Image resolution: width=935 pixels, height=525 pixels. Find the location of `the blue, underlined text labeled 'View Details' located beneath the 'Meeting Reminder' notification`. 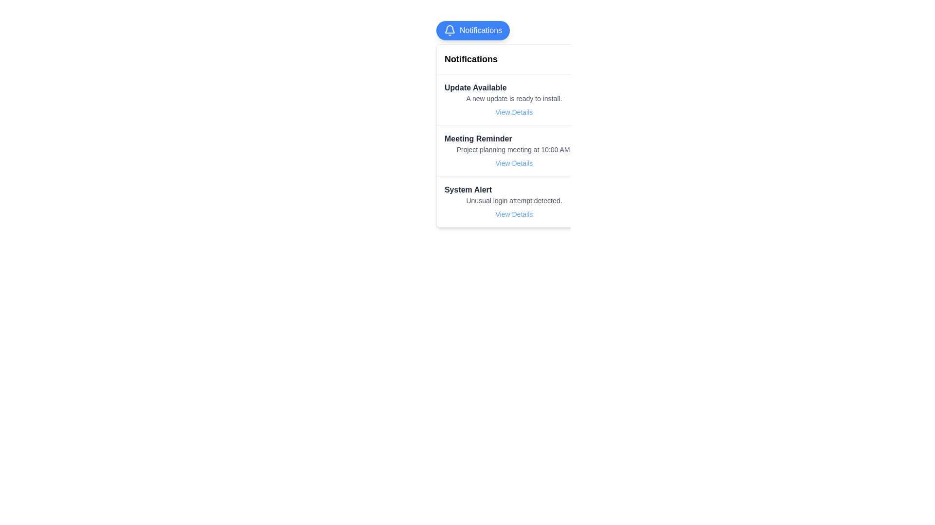

the blue, underlined text labeled 'View Details' located beneath the 'Meeting Reminder' notification is located at coordinates (514, 162).